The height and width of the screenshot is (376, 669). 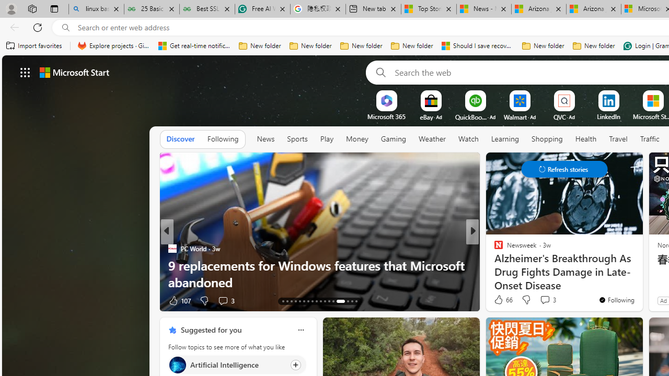 What do you see at coordinates (544, 299) in the screenshot?
I see `'View comments 3 Comment'` at bounding box center [544, 299].